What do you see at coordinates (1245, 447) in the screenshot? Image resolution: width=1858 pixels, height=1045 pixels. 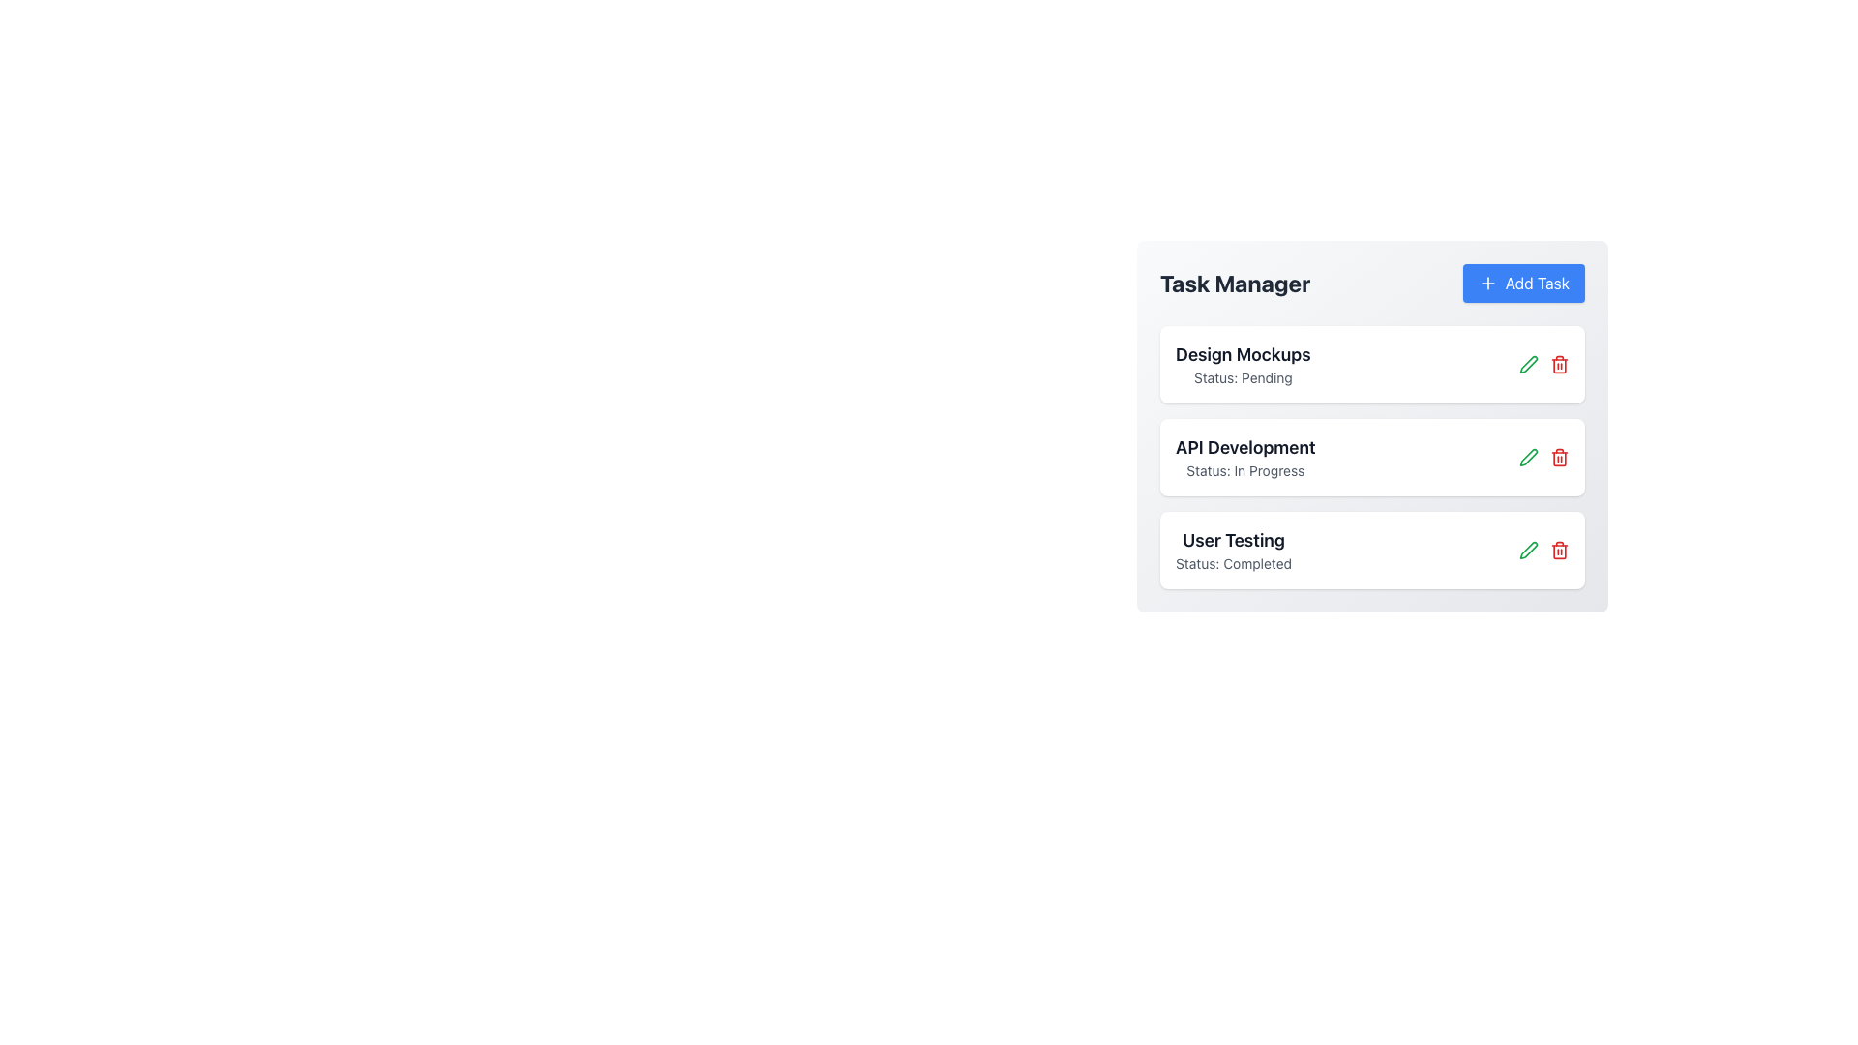 I see `the static text element that serves as a header indicating the name of a specific task, positioned between 'Design Mockups' and 'User Testing' in the vertical list of tasks` at bounding box center [1245, 447].